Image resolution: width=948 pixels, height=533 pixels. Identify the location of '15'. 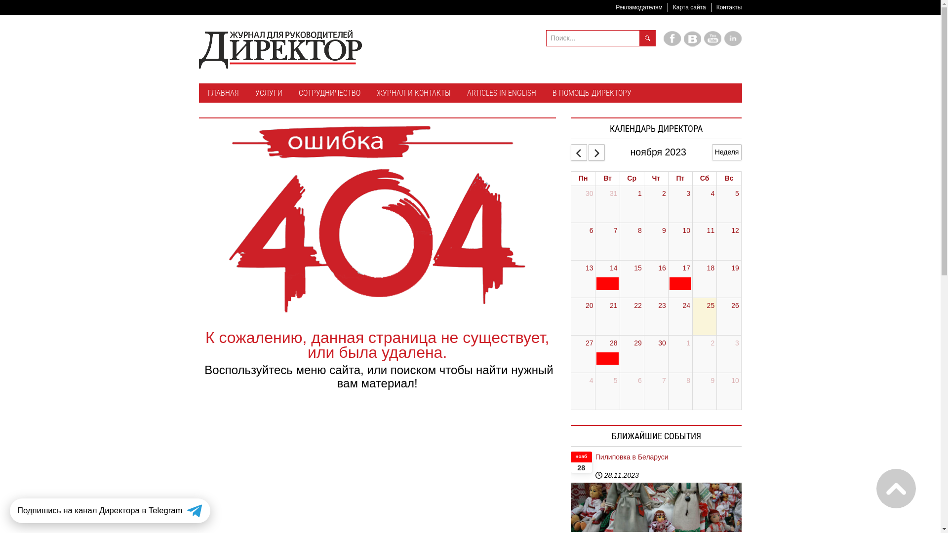
(632, 268).